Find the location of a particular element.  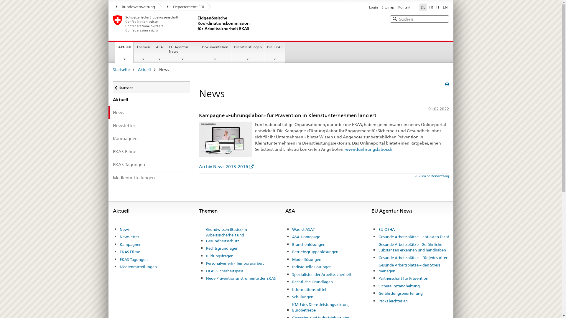

'EU Agentur News' is located at coordinates (182, 52).